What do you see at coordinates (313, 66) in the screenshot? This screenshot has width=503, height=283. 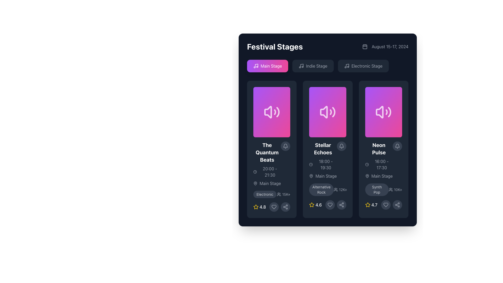 I see `the 'Indie Stage' button, which is the second option in a row of three stage options, to filter events by this stage` at bounding box center [313, 66].